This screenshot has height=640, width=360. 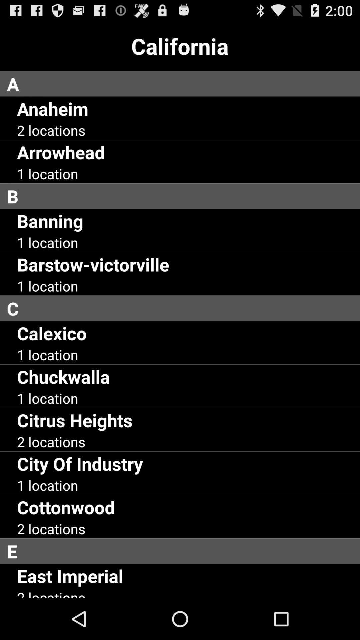 I want to click on icon below the 2 locations, so click(x=183, y=551).